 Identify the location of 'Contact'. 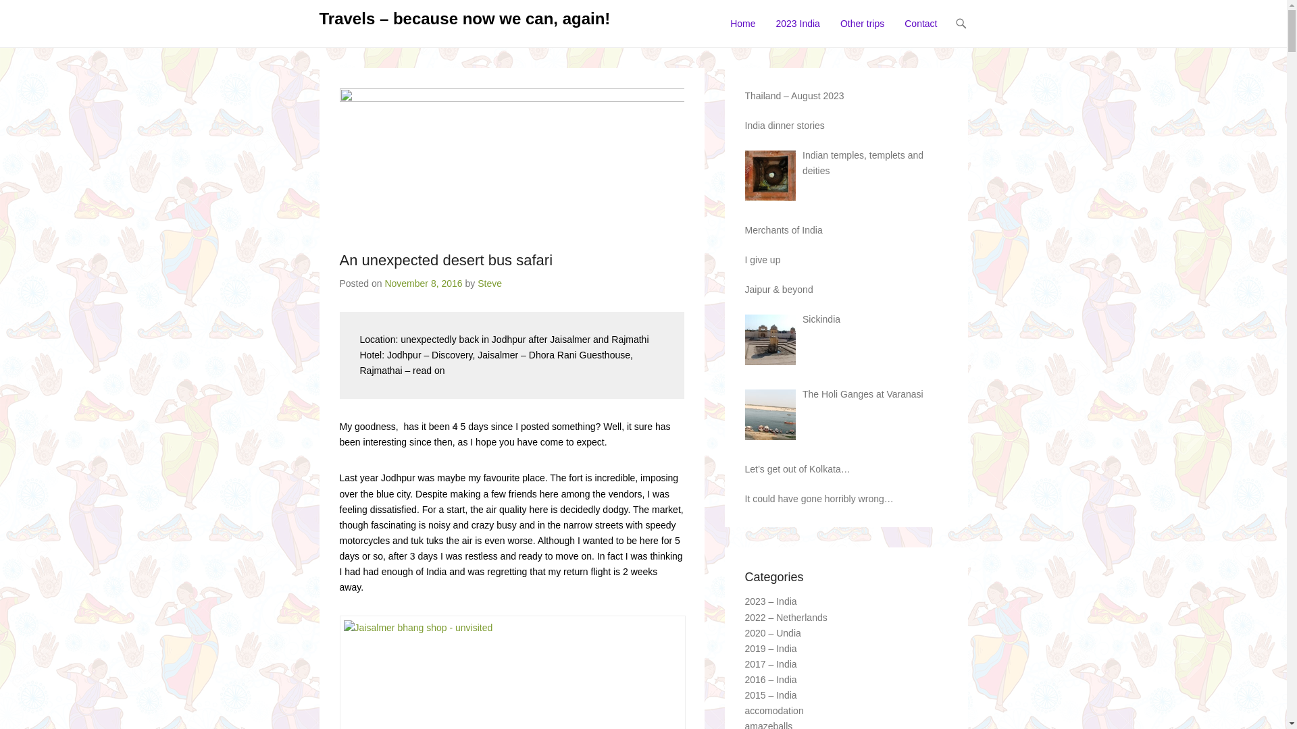
(920, 31).